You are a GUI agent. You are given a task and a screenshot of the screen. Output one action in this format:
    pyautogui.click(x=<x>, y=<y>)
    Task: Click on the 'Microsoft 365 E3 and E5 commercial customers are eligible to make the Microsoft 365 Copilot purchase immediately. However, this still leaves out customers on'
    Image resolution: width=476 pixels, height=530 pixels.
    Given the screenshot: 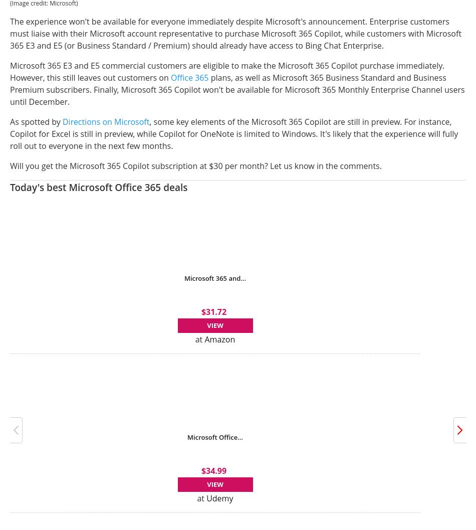 What is the action you would take?
    pyautogui.click(x=226, y=70)
    